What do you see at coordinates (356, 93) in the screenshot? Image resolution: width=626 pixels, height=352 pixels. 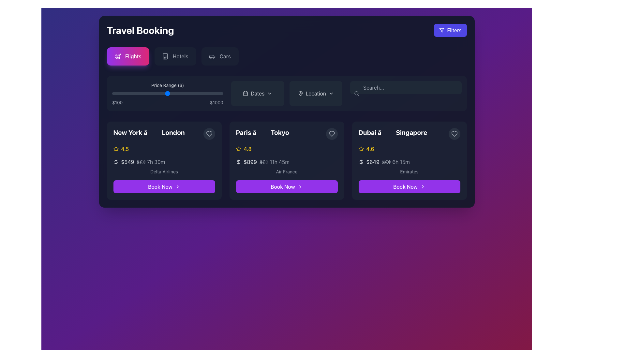 I see `the magnifying glass icon located in the top-right section of the main interface within the search bar` at bounding box center [356, 93].